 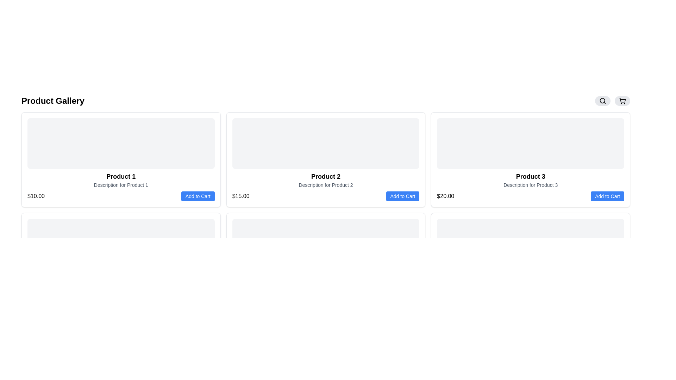 What do you see at coordinates (607, 196) in the screenshot?
I see `the blue button labeled 'Add to Cart' in the bottom-right corner of the 'Product 3' panel to change its color` at bounding box center [607, 196].